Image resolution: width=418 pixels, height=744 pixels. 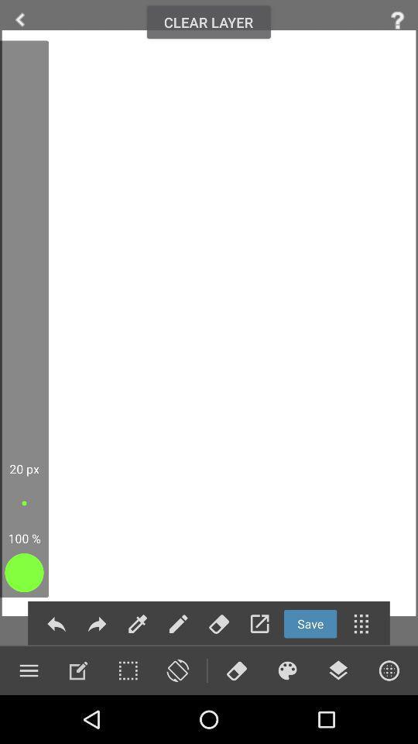 What do you see at coordinates (337, 670) in the screenshot?
I see `layers` at bounding box center [337, 670].